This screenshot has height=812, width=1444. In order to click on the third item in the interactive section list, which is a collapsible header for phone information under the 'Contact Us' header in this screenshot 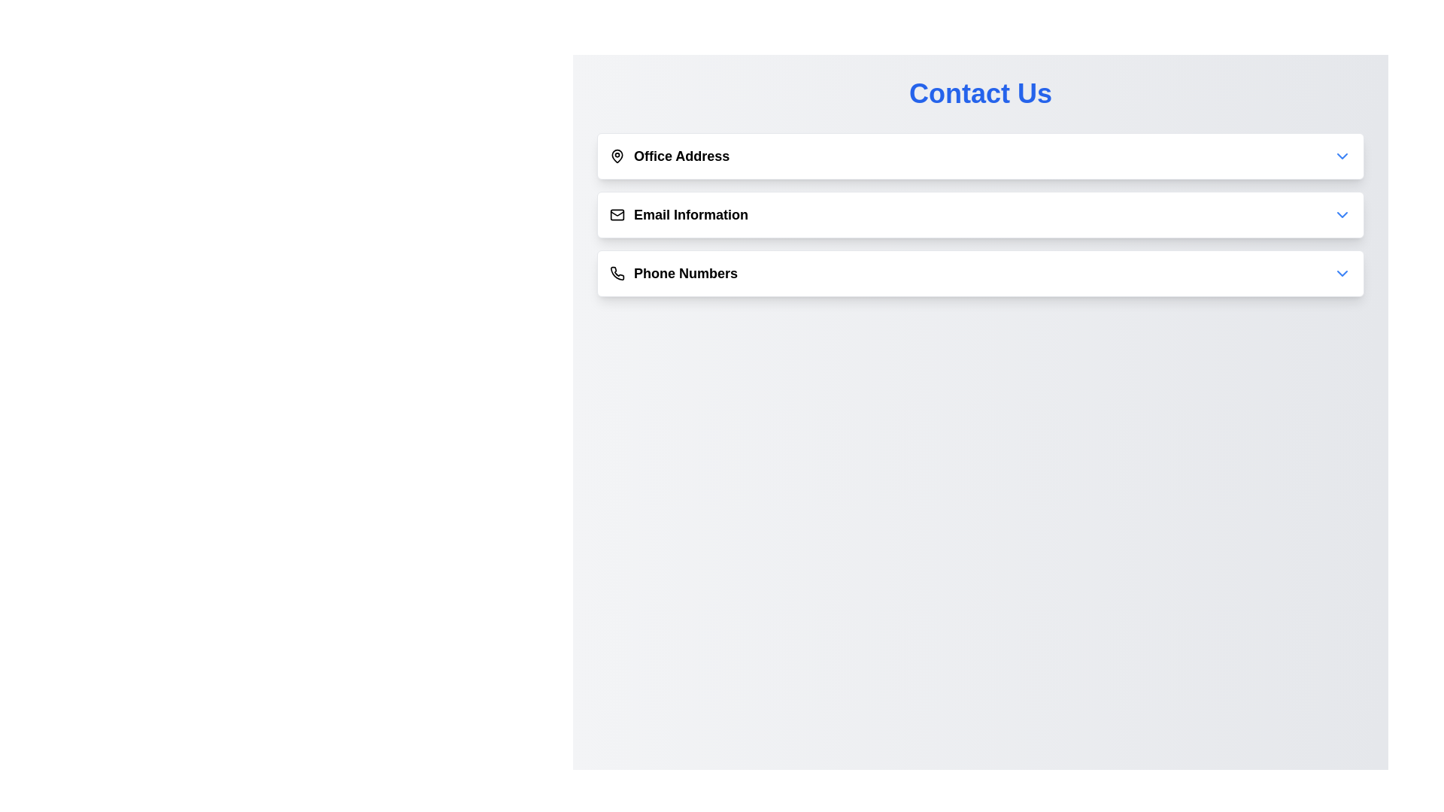, I will do `click(673, 273)`.